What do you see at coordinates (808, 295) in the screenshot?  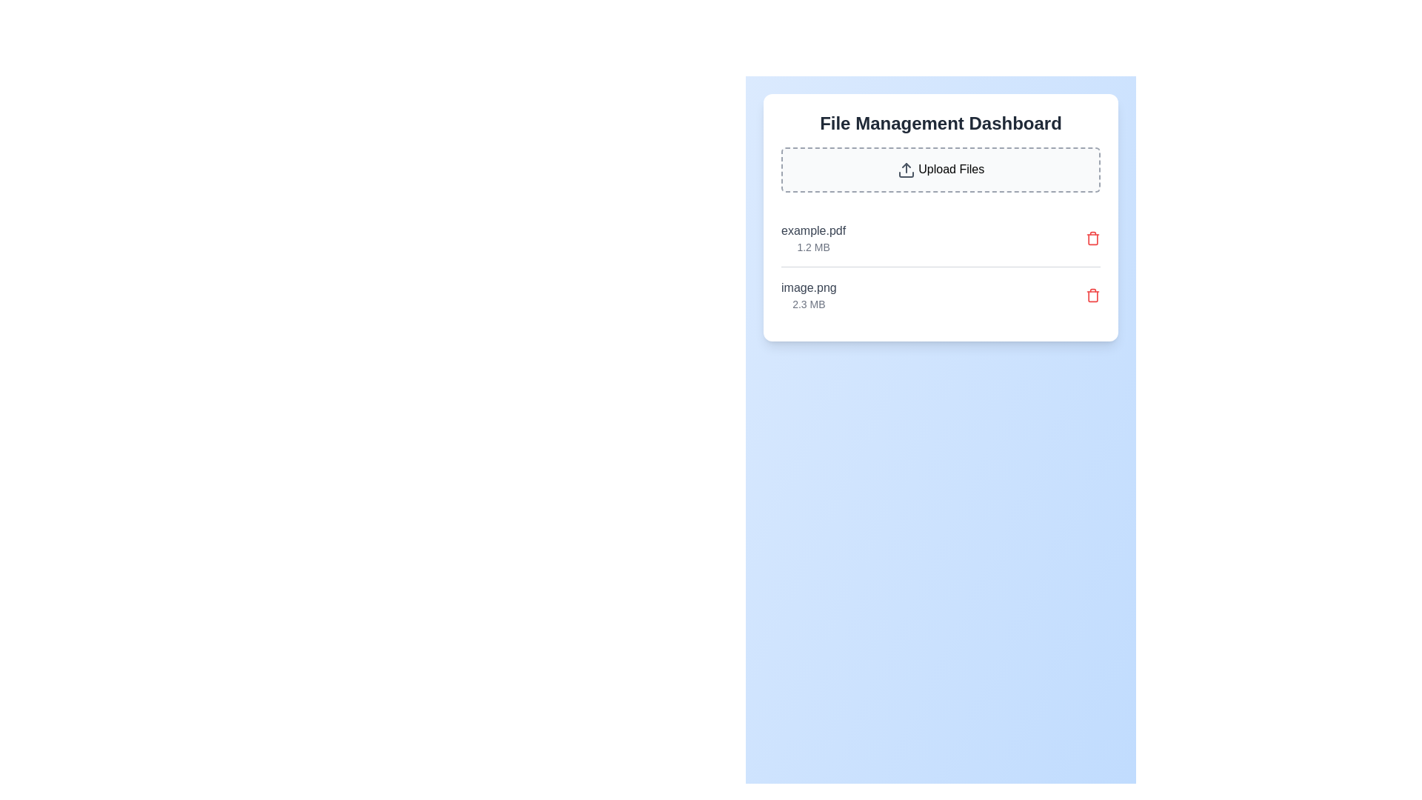 I see `the area surrounding the text display showing 'image.png' and '2.3 MB'` at bounding box center [808, 295].